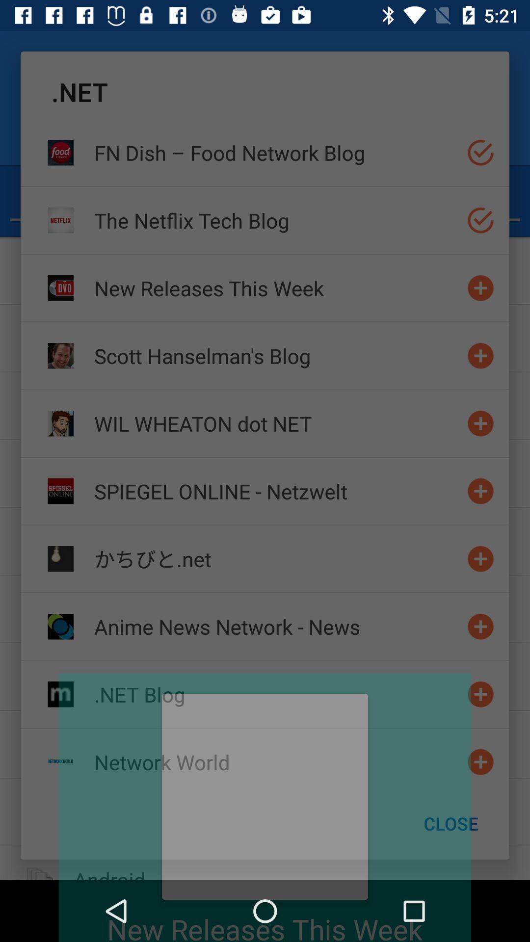  I want to click on add, so click(480, 355).